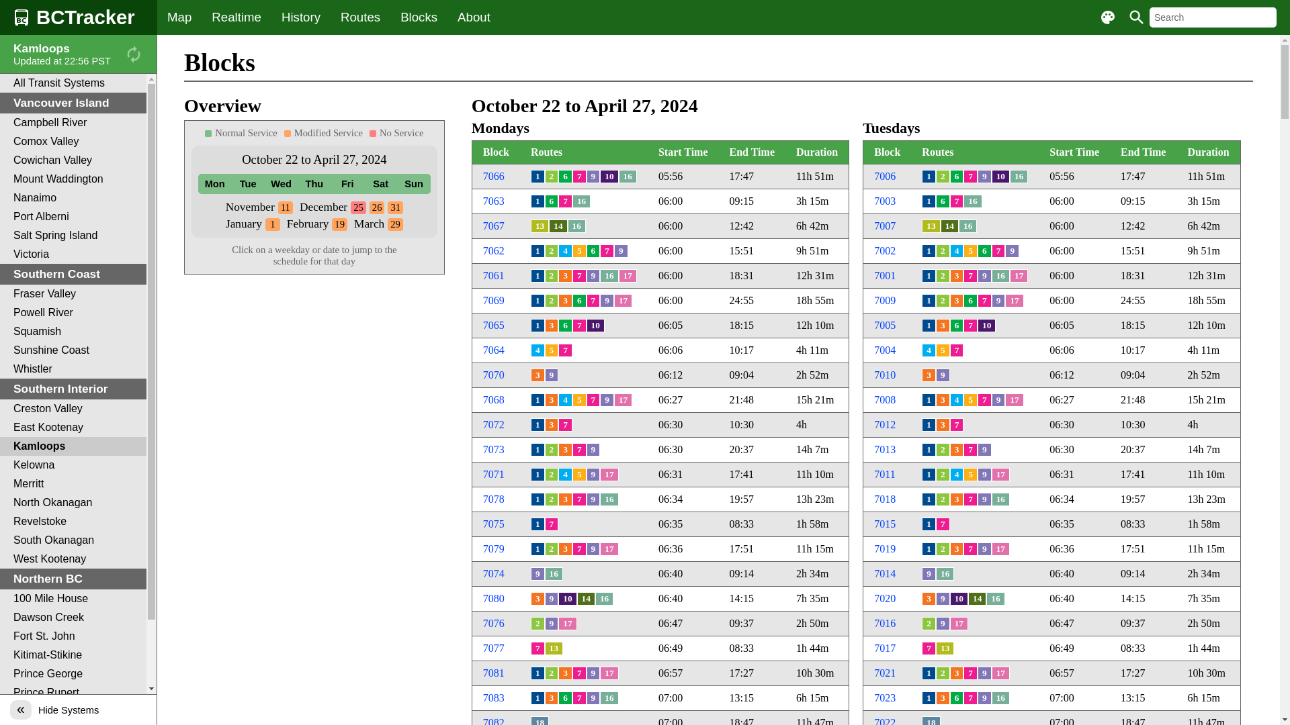 The image size is (1290, 725). I want to click on '3', so click(565, 450).